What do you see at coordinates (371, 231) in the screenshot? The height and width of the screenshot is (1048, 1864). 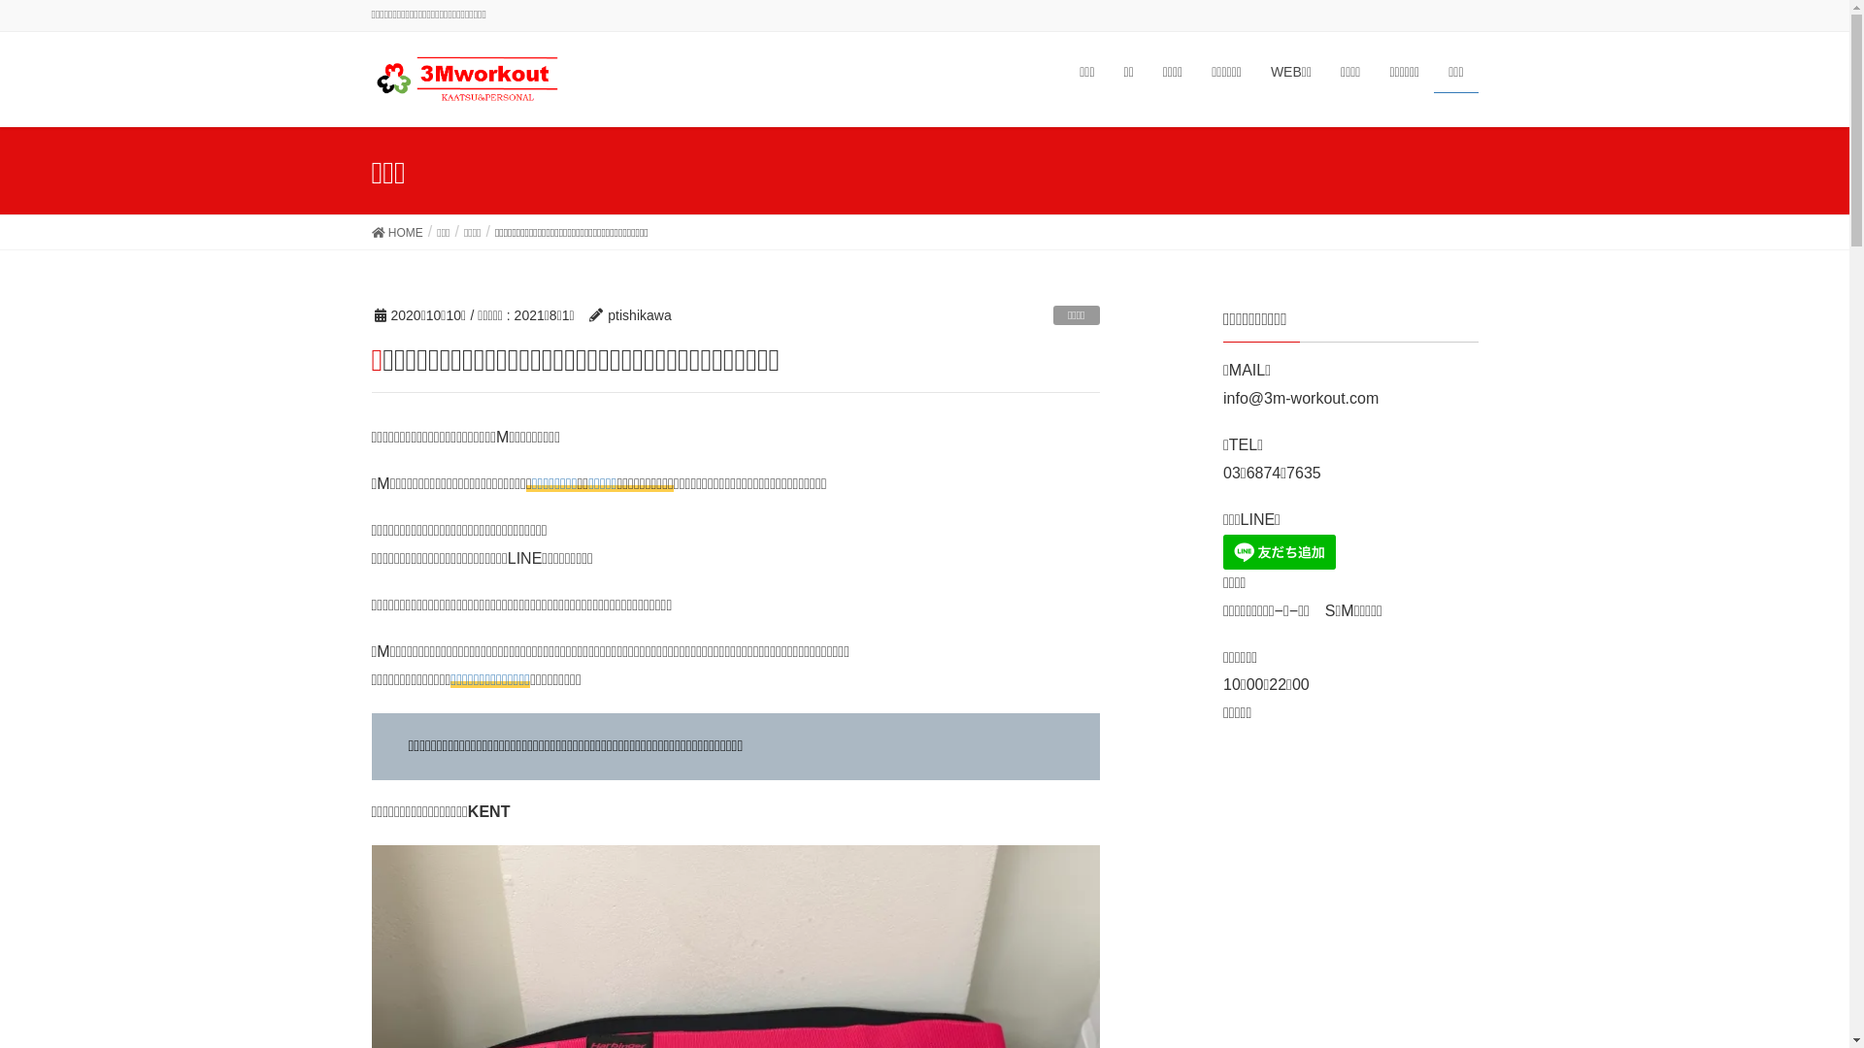 I see `'HOME'` at bounding box center [371, 231].